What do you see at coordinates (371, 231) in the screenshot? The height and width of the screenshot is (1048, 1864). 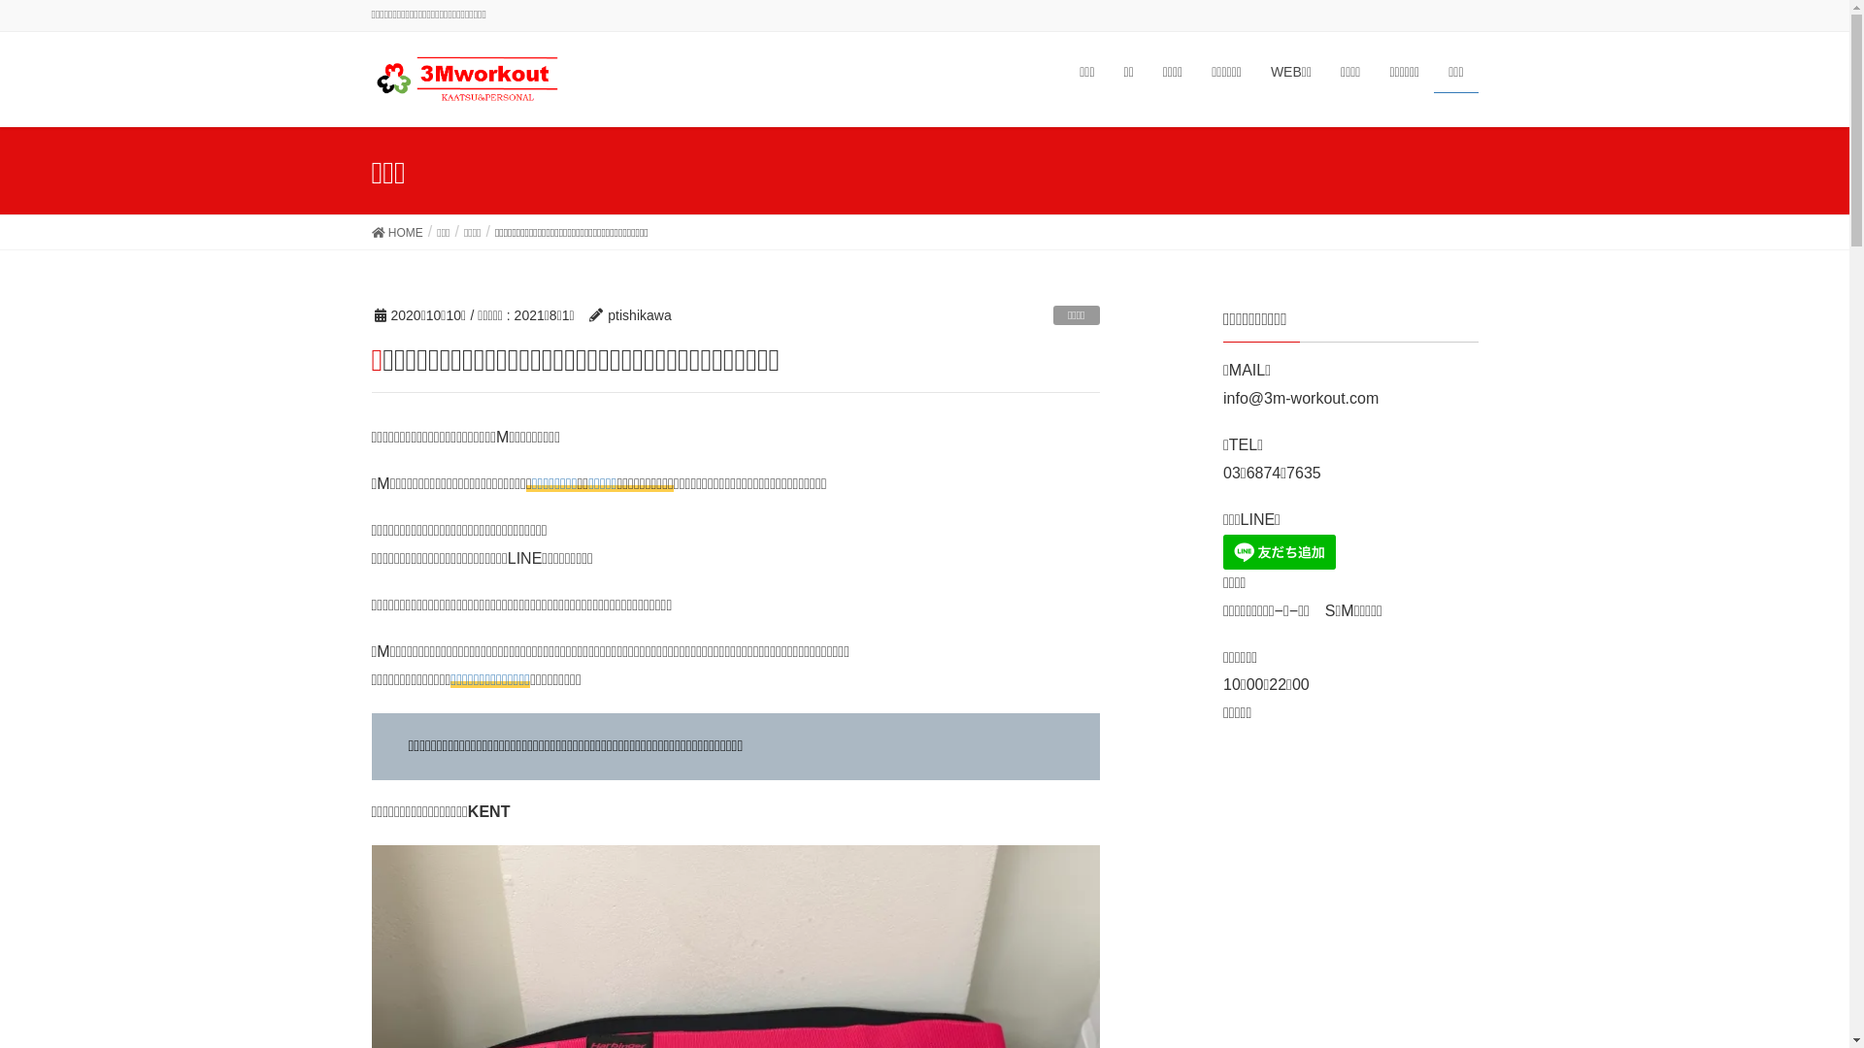 I see `'HOME'` at bounding box center [371, 231].